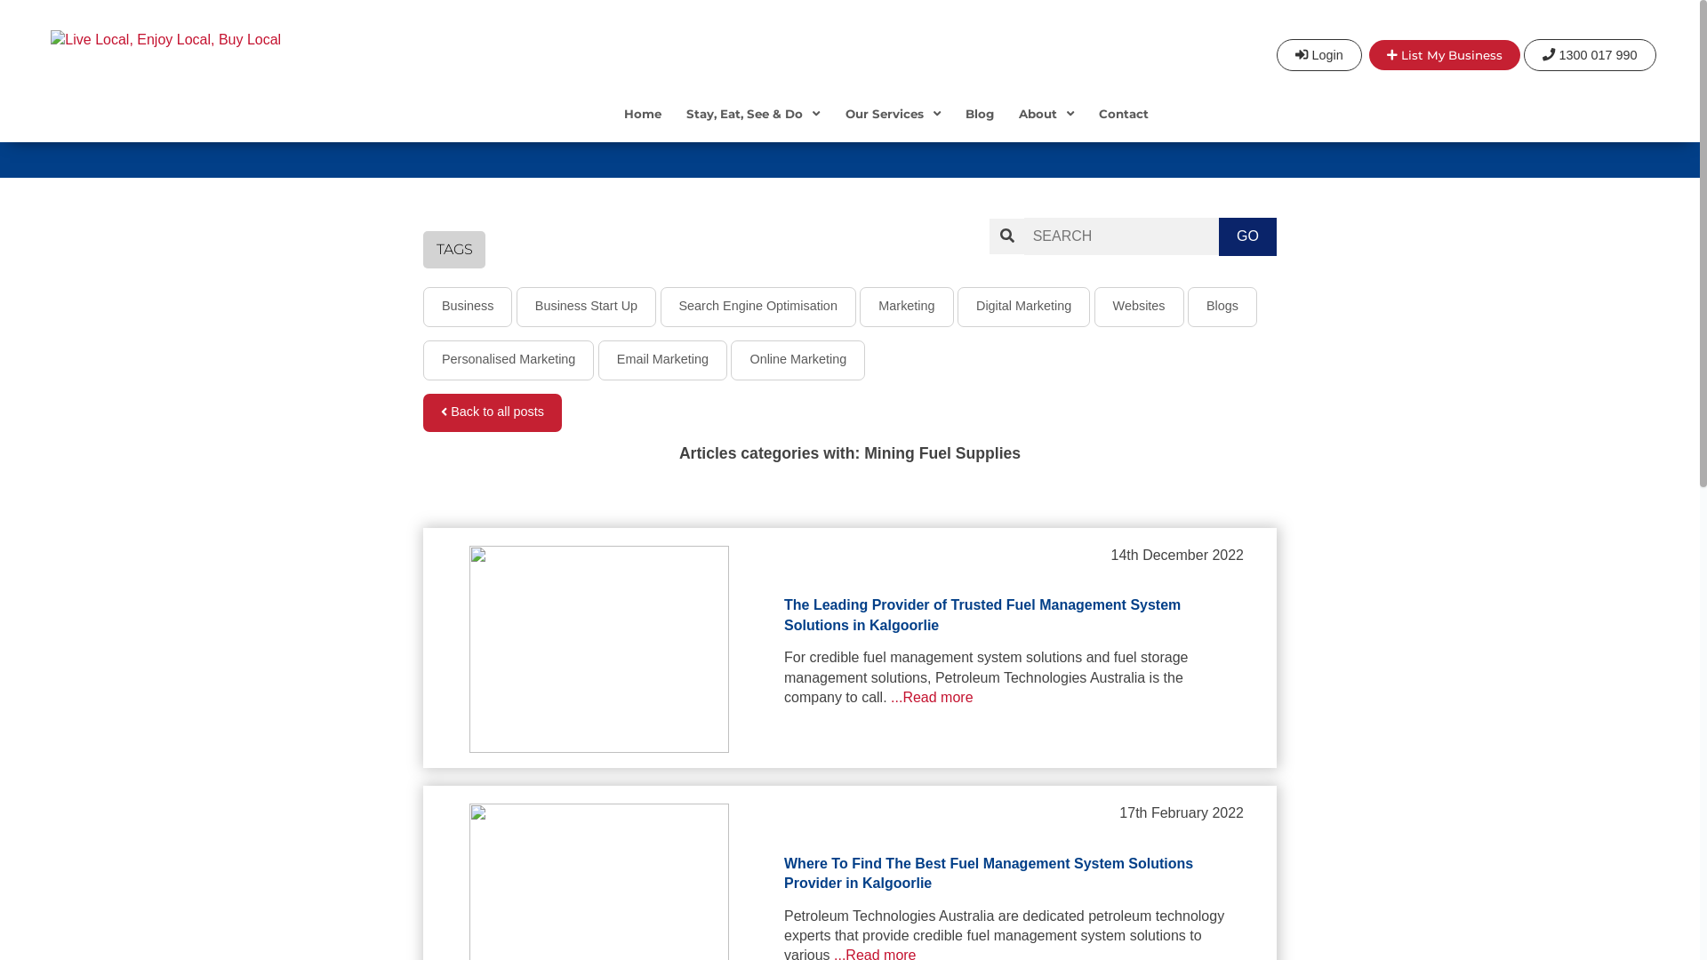 This screenshot has height=960, width=1707. What do you see at coordinates (1023, 306) in the screenshot?
I see `'Digital Marketing'` at bounding box center [1023, 306].